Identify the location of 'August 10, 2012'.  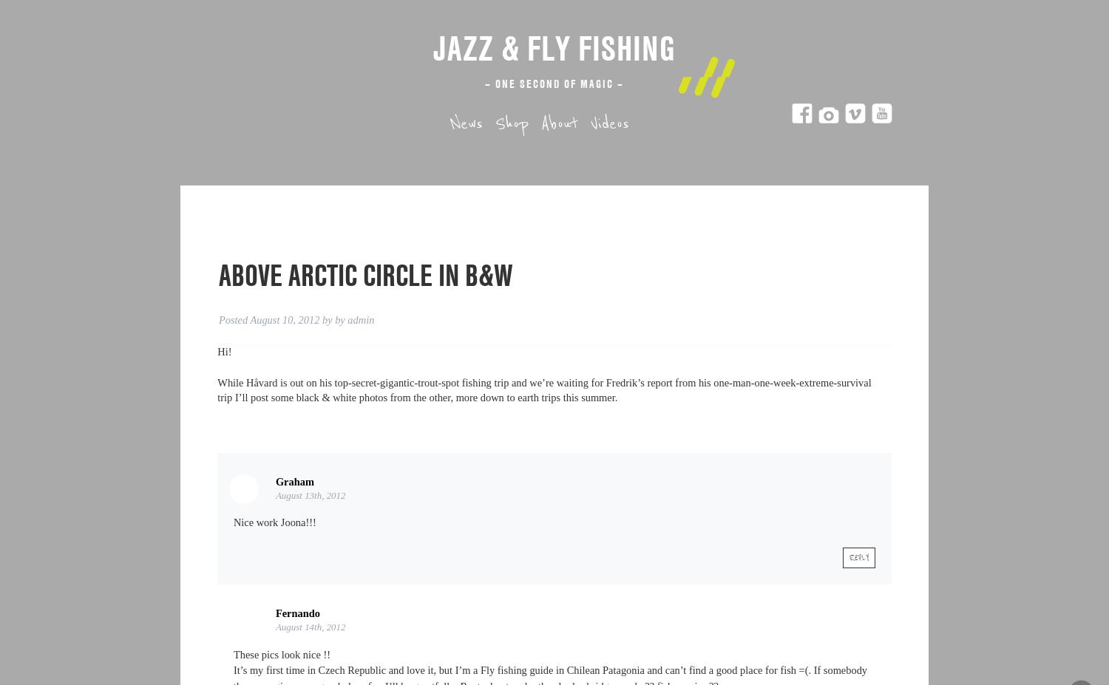
(248, 319).